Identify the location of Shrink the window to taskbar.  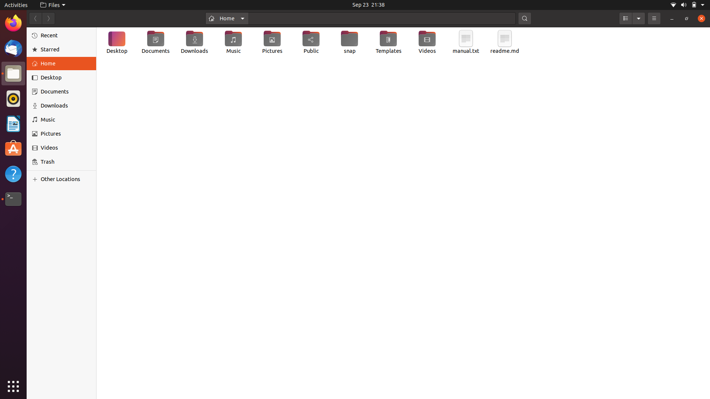
(672, 18).